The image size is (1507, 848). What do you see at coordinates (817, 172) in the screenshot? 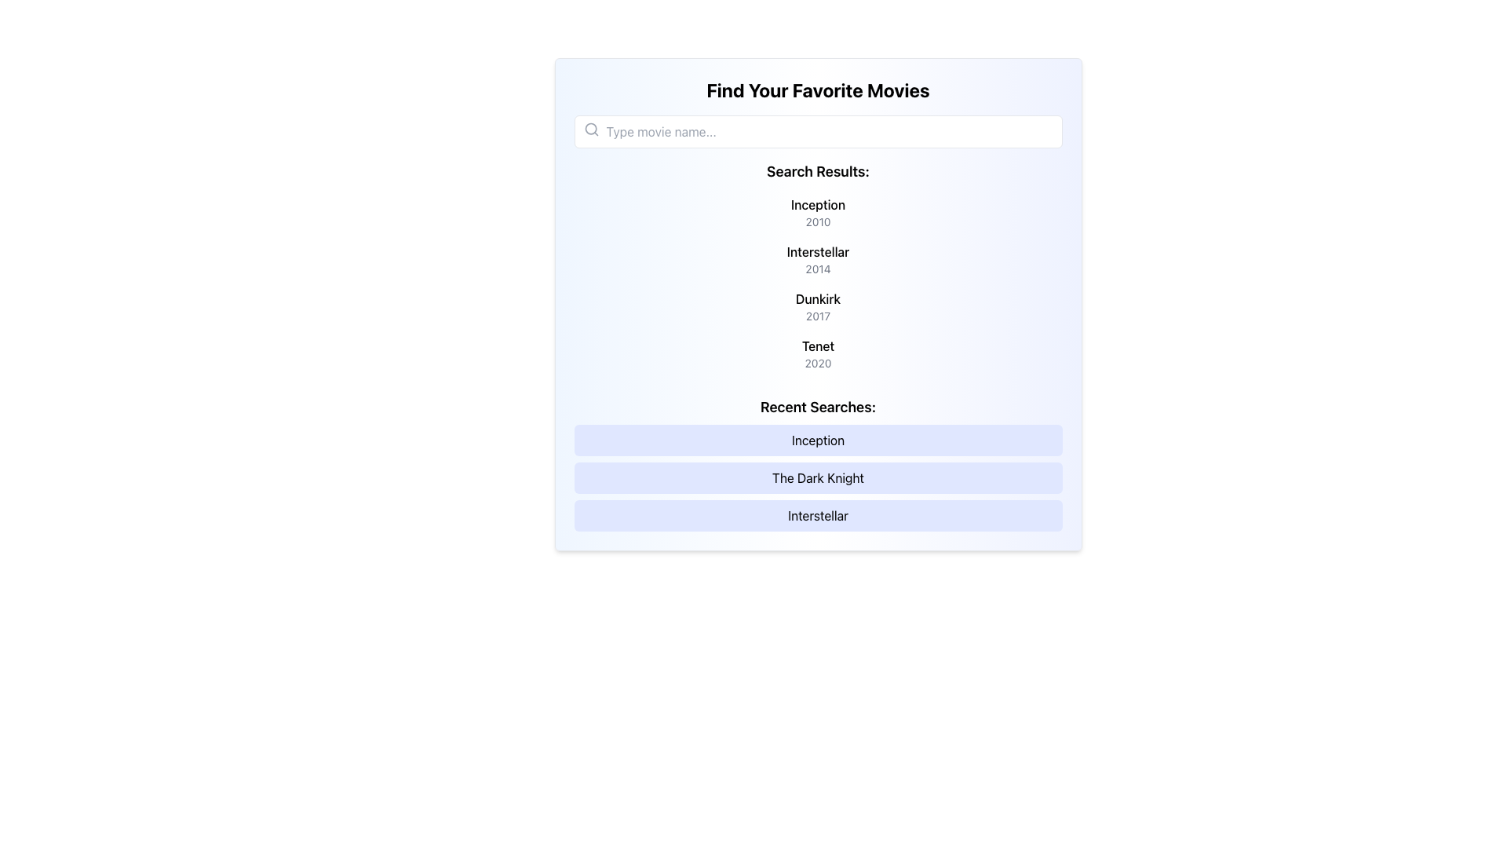
I see `the Text Label that serves as a section header for search results, positioned above the list of movie titles and years` at bounding box center [817, 172].